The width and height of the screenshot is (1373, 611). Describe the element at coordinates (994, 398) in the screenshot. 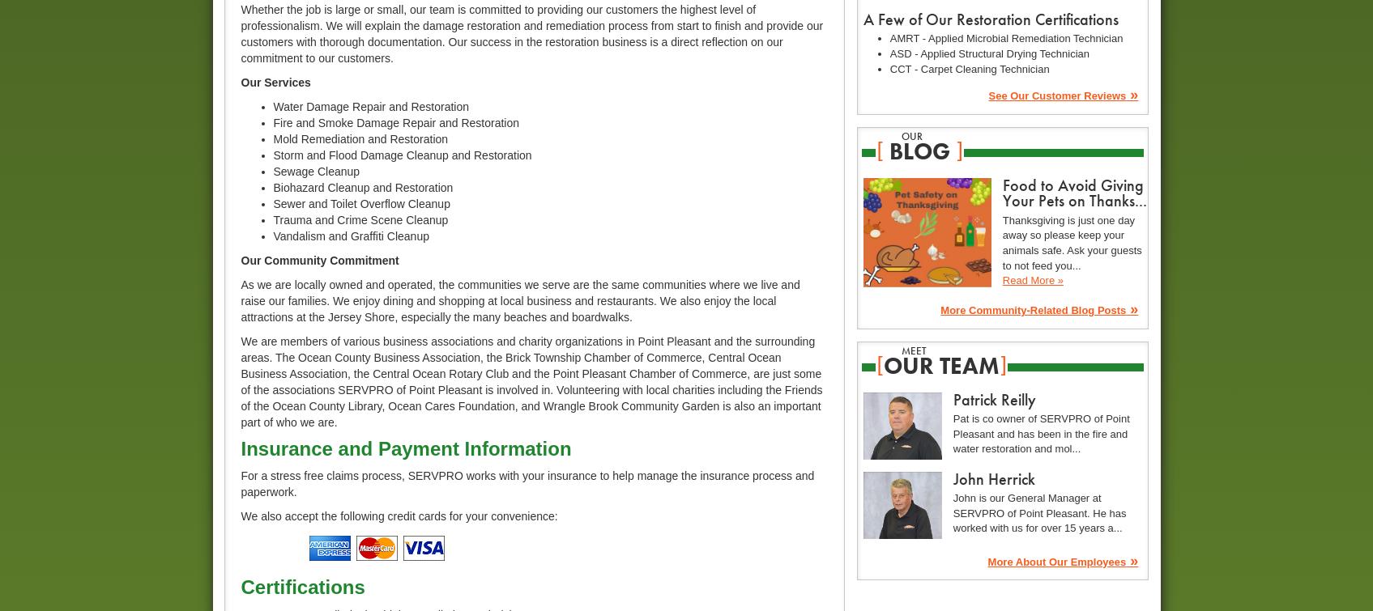

I see `'Patrick Reilly'` at that location.